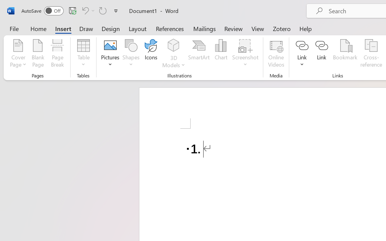 The image size is (386, 241). What do you see at coordinates (245, 54) in the screenshot?
I see `'Screenshot'` at bounding box center [245, 54].